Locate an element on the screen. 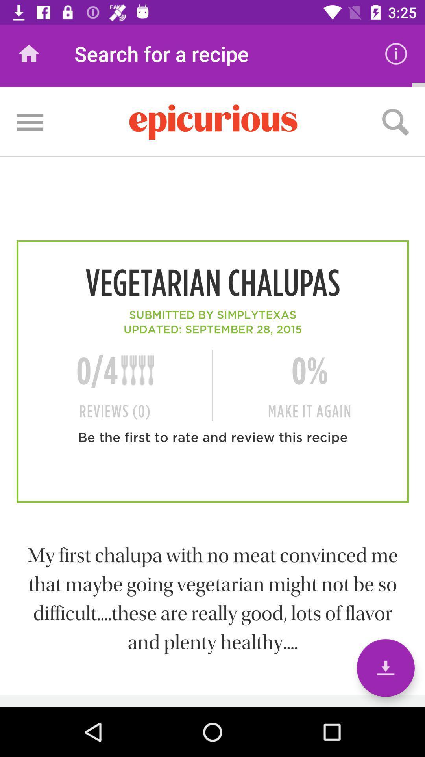  the file_download icon is located at coordinates (385, 668).